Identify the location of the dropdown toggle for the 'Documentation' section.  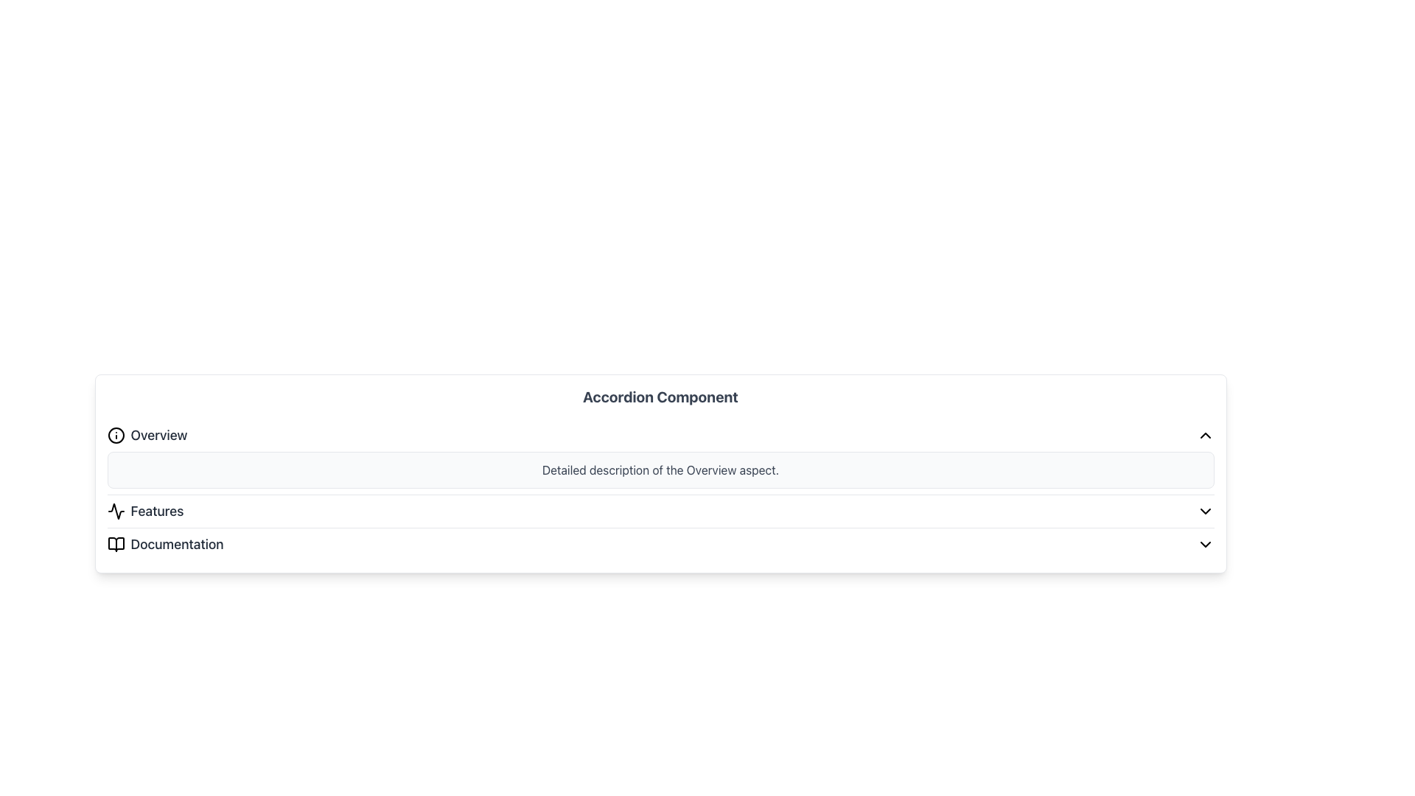
(660, 545).